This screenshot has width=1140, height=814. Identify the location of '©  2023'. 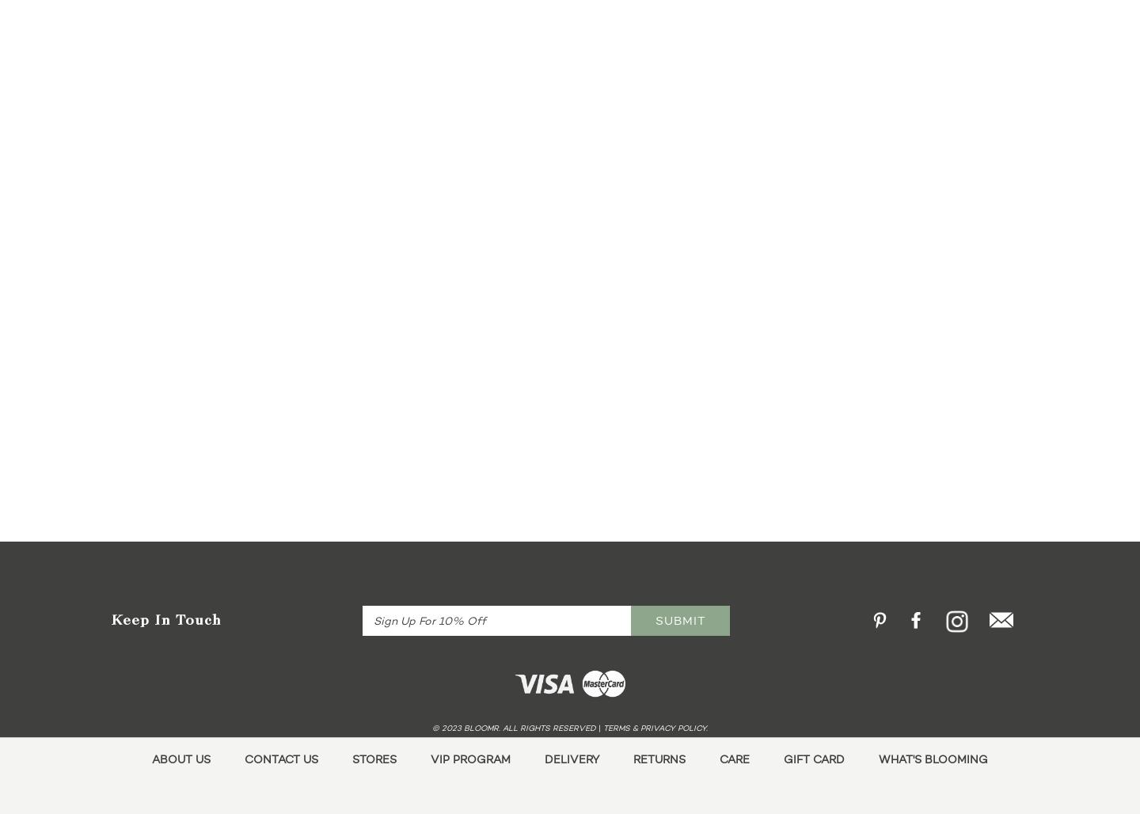
(448, 727).